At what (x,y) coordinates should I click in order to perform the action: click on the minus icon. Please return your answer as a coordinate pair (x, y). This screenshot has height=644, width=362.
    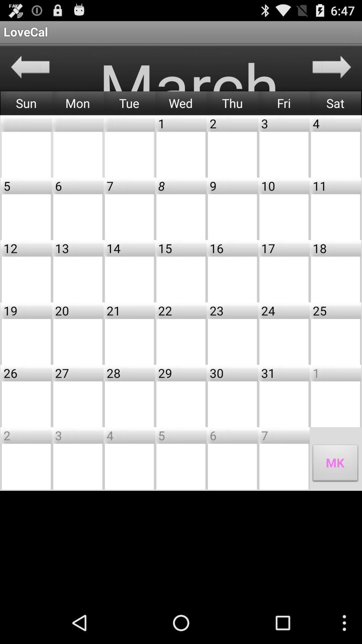
    Looking at the image, I should click on (129, 299).